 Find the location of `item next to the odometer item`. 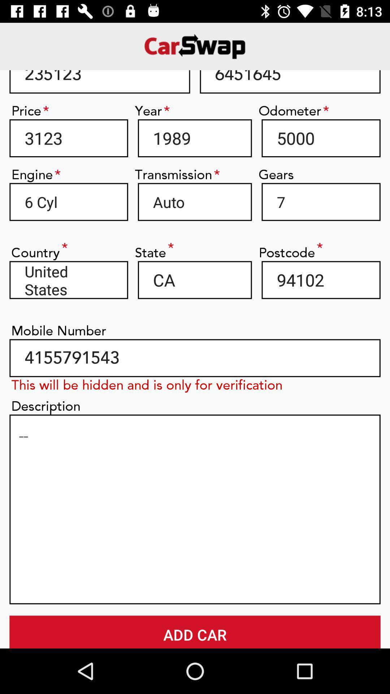

item next to the odometer item is located at coordinates (194, 138).